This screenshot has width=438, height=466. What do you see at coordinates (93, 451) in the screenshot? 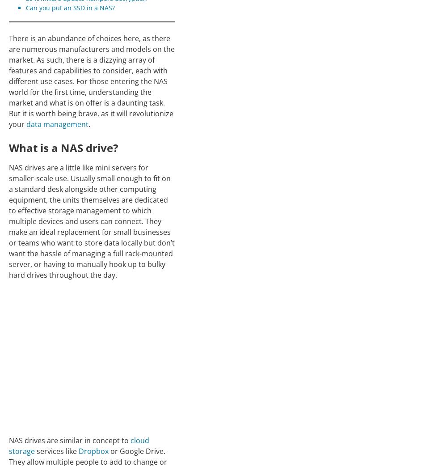
I see `'Dropbox'` at bounding box center [93, 451].